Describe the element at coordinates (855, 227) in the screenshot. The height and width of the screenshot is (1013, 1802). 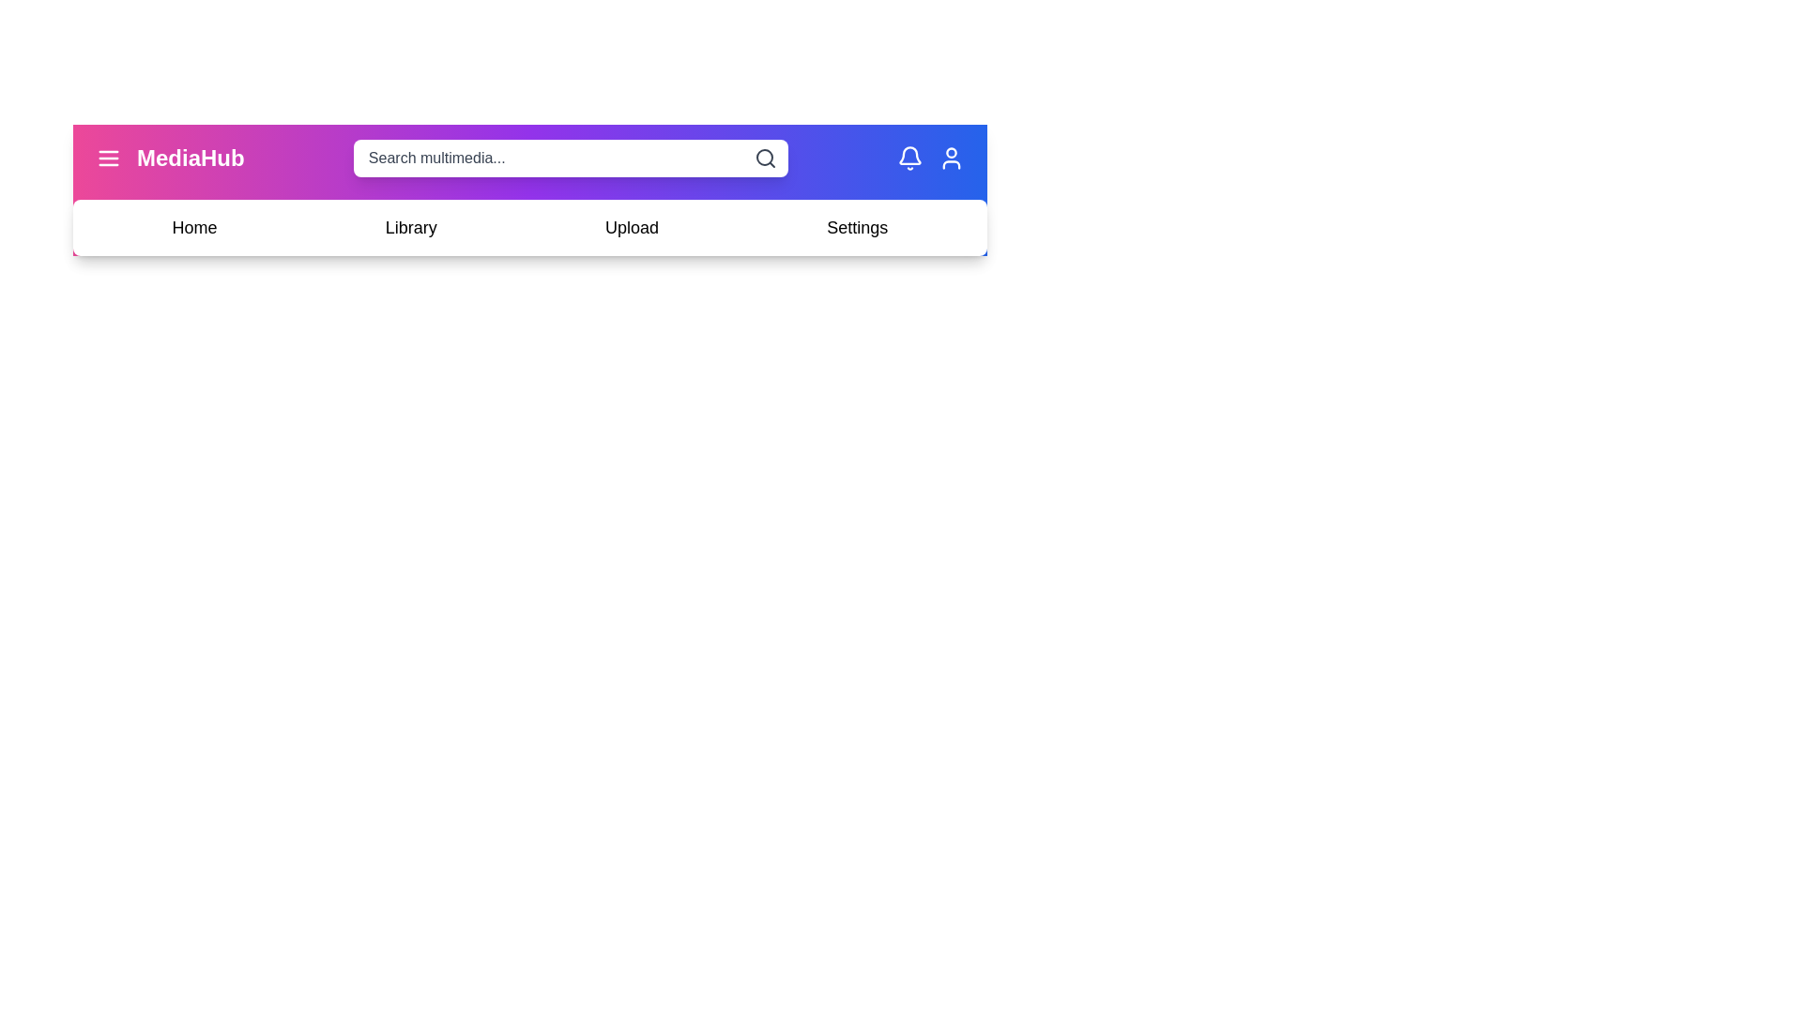
I see `the navigation item Settings to navigate to the respective section` at that location.